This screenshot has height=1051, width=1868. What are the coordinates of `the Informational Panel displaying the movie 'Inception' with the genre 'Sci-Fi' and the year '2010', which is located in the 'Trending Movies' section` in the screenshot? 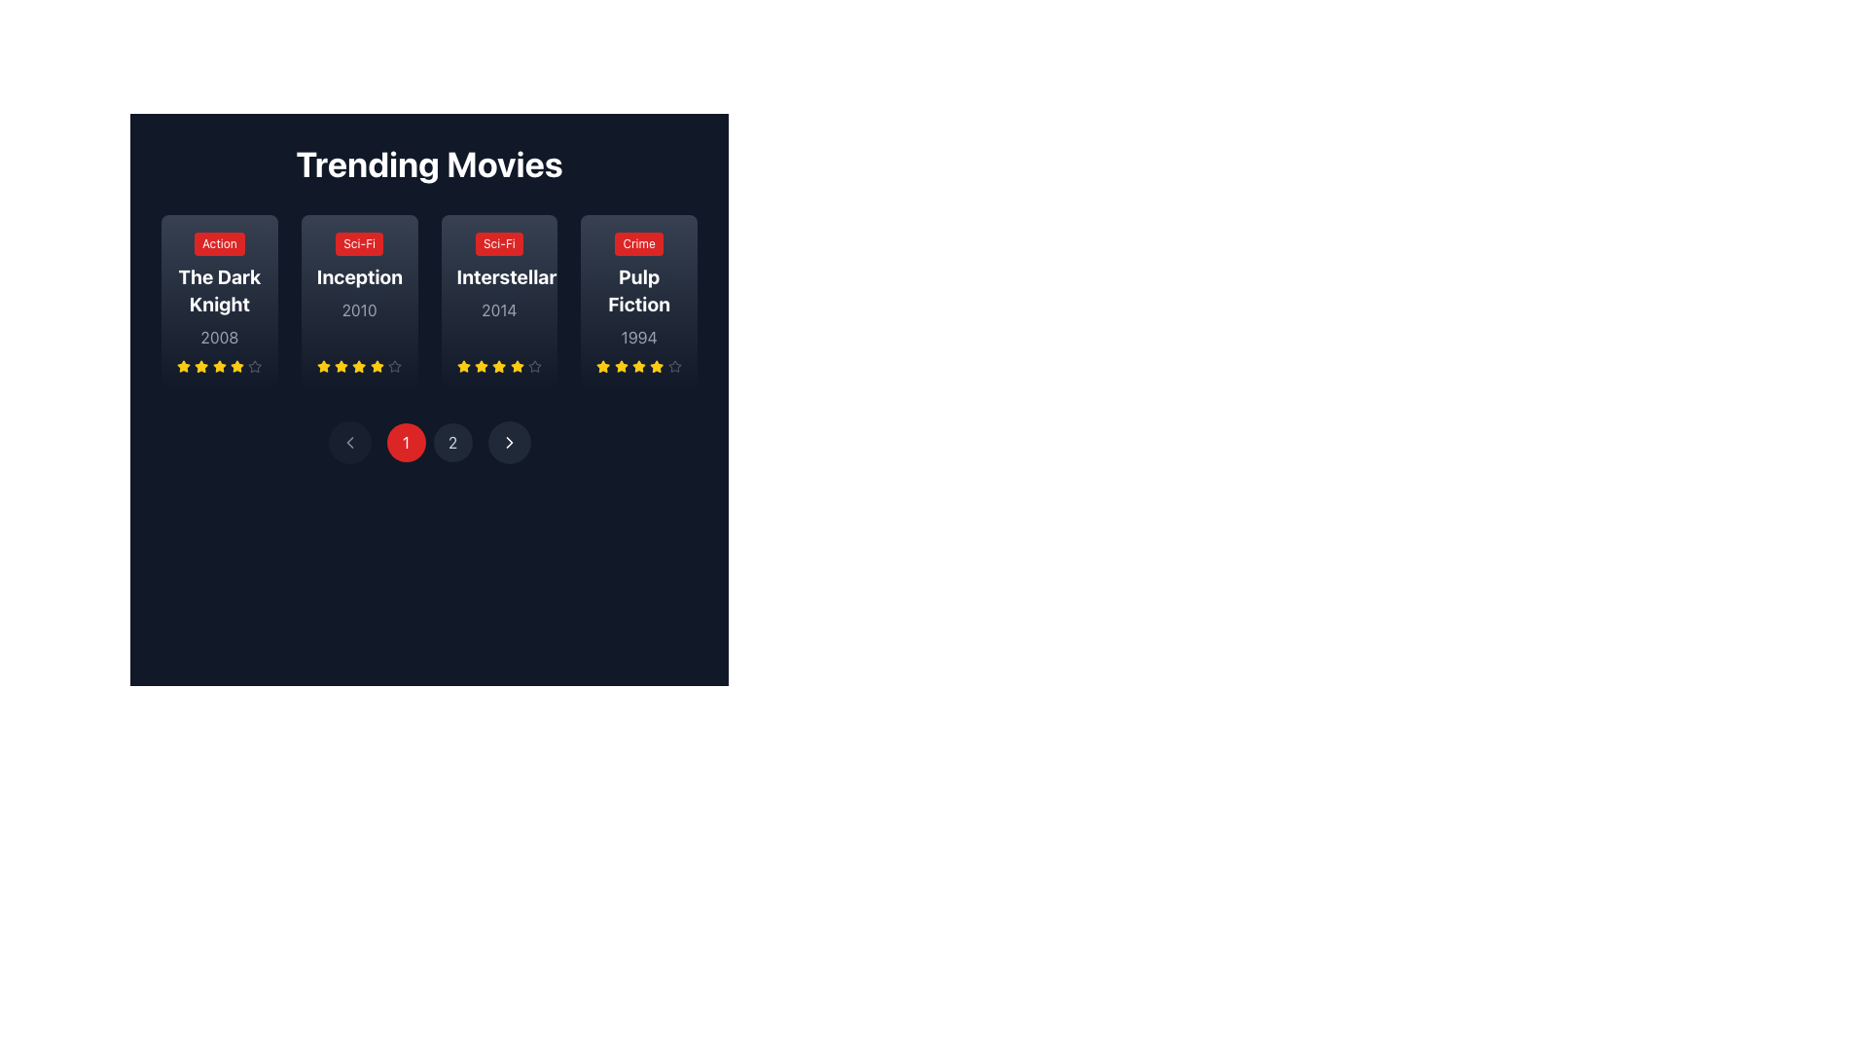 It's located at (359, 276).